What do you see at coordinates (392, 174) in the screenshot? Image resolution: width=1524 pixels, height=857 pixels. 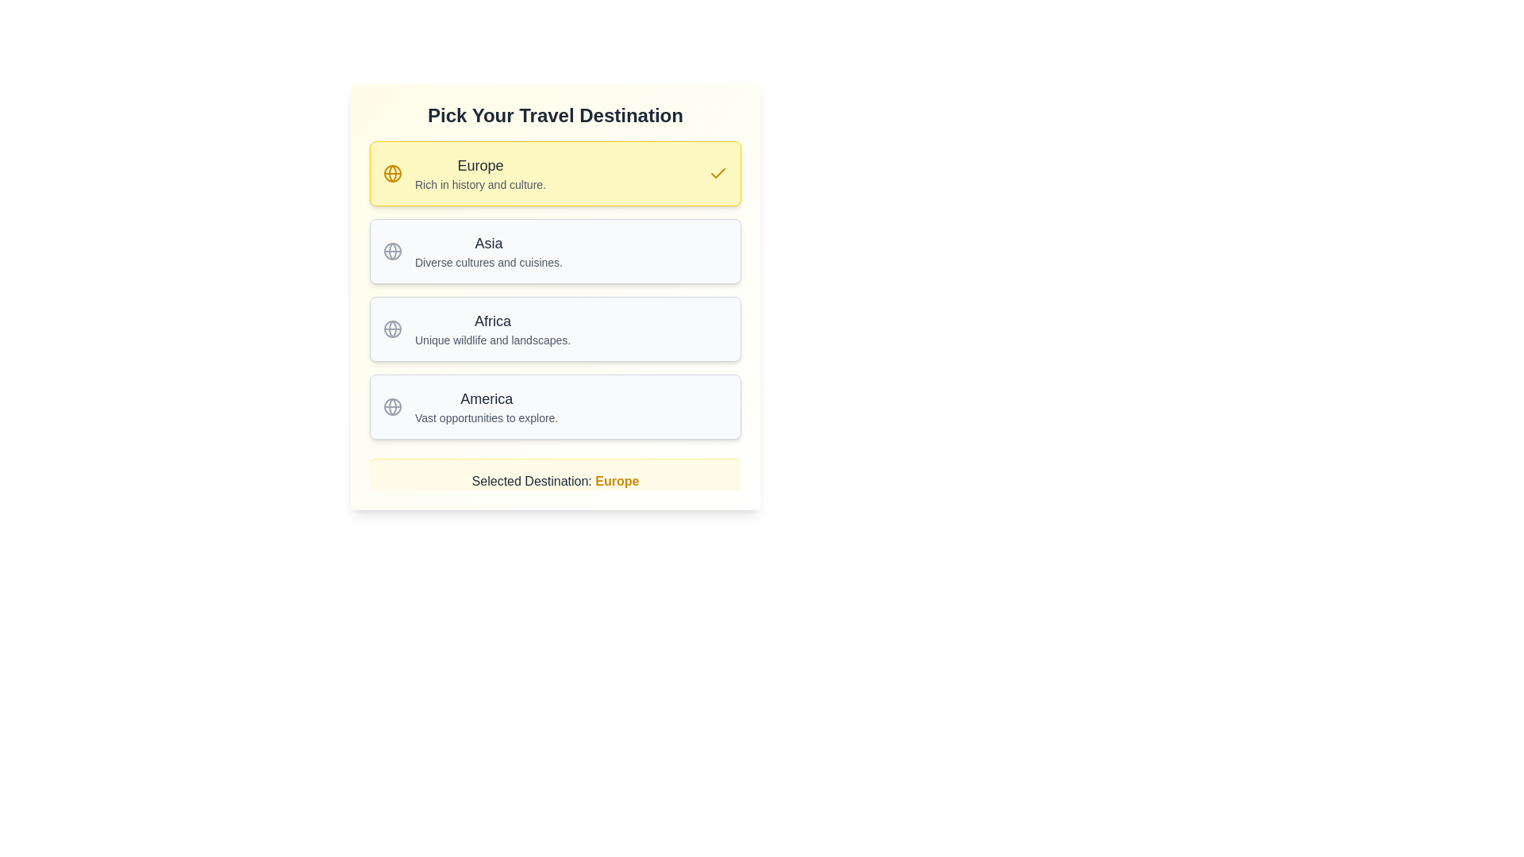 I see `the graphical decoration element within the SVG that enhances the representation of the 'Europe' option in the travel destination menu` at bounding box center [392, 174].